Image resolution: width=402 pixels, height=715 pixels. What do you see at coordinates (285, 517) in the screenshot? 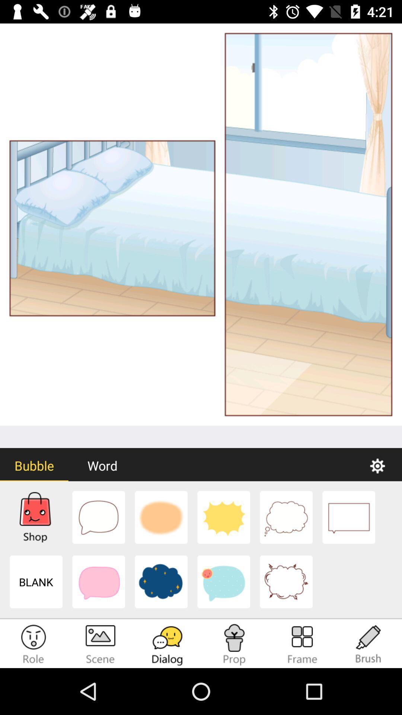
I see `the dialog box option which looks like a cloud` at bounding box center [285, 517].